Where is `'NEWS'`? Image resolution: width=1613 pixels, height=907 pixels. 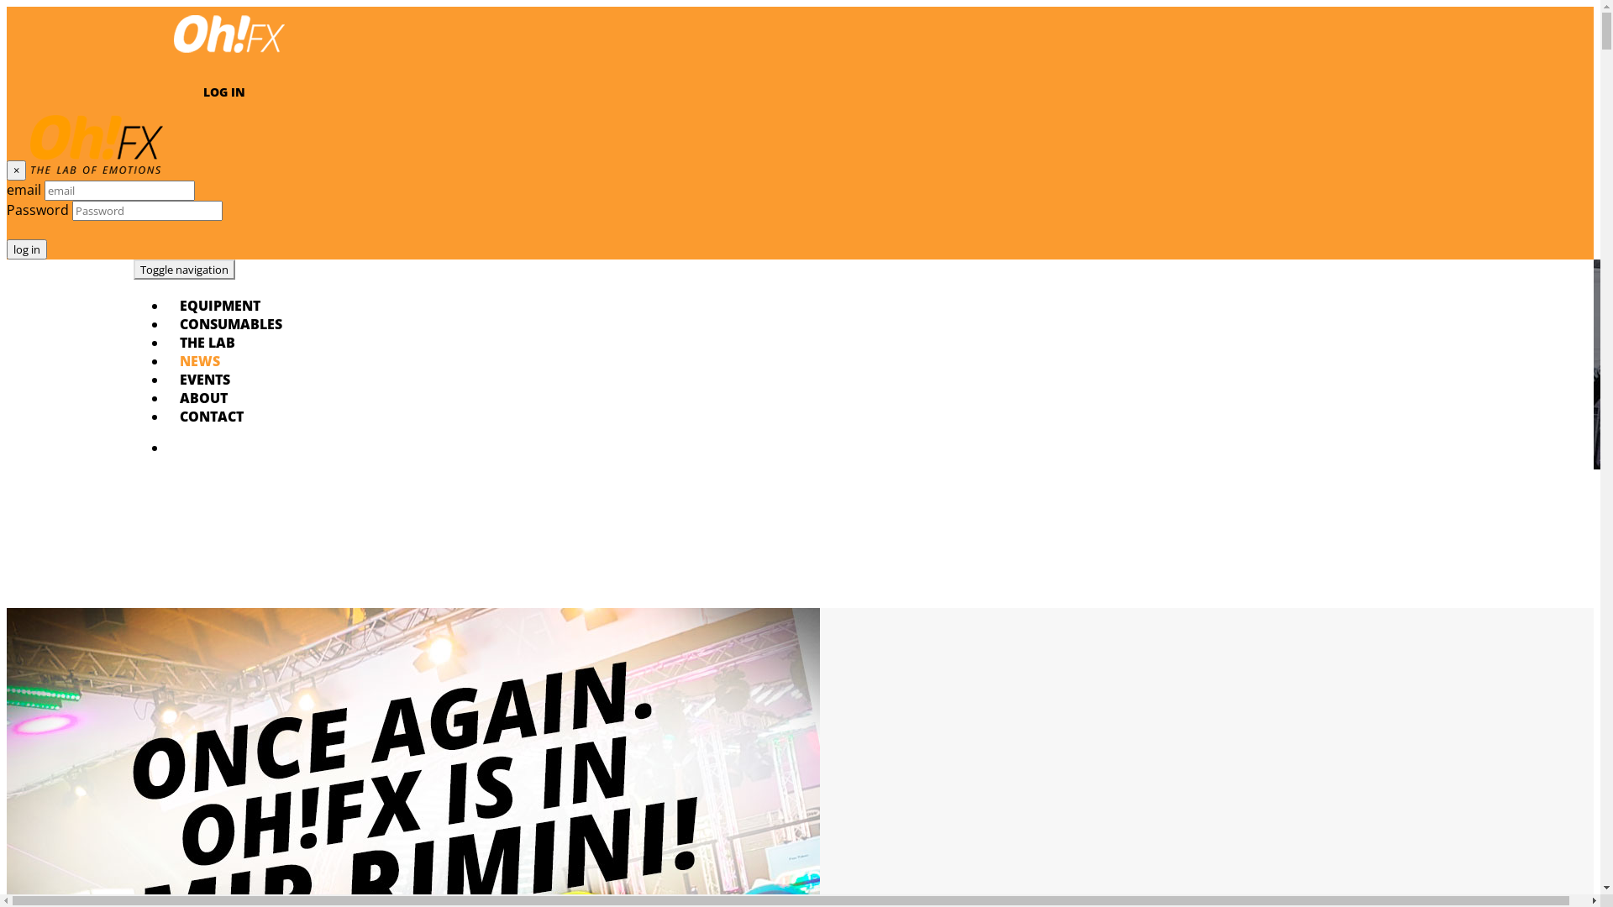 'NEWS' is located at coordinates (180, 359).